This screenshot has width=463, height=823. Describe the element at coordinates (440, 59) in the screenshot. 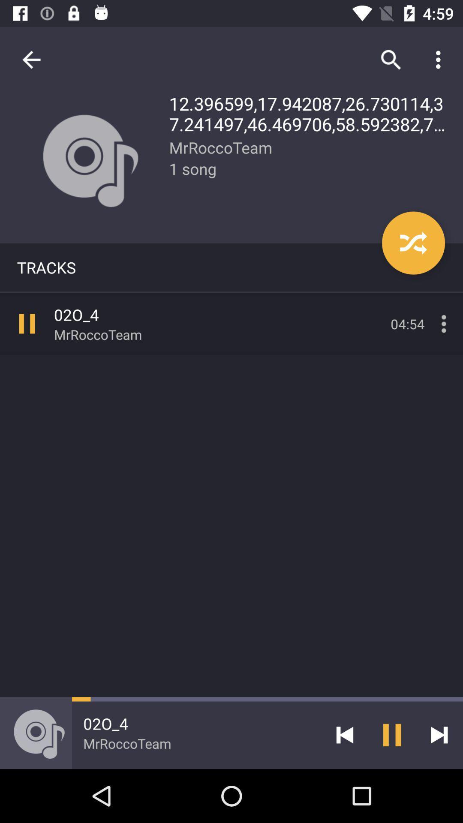

I see `icon above the 12 396599 17 item` at that location.